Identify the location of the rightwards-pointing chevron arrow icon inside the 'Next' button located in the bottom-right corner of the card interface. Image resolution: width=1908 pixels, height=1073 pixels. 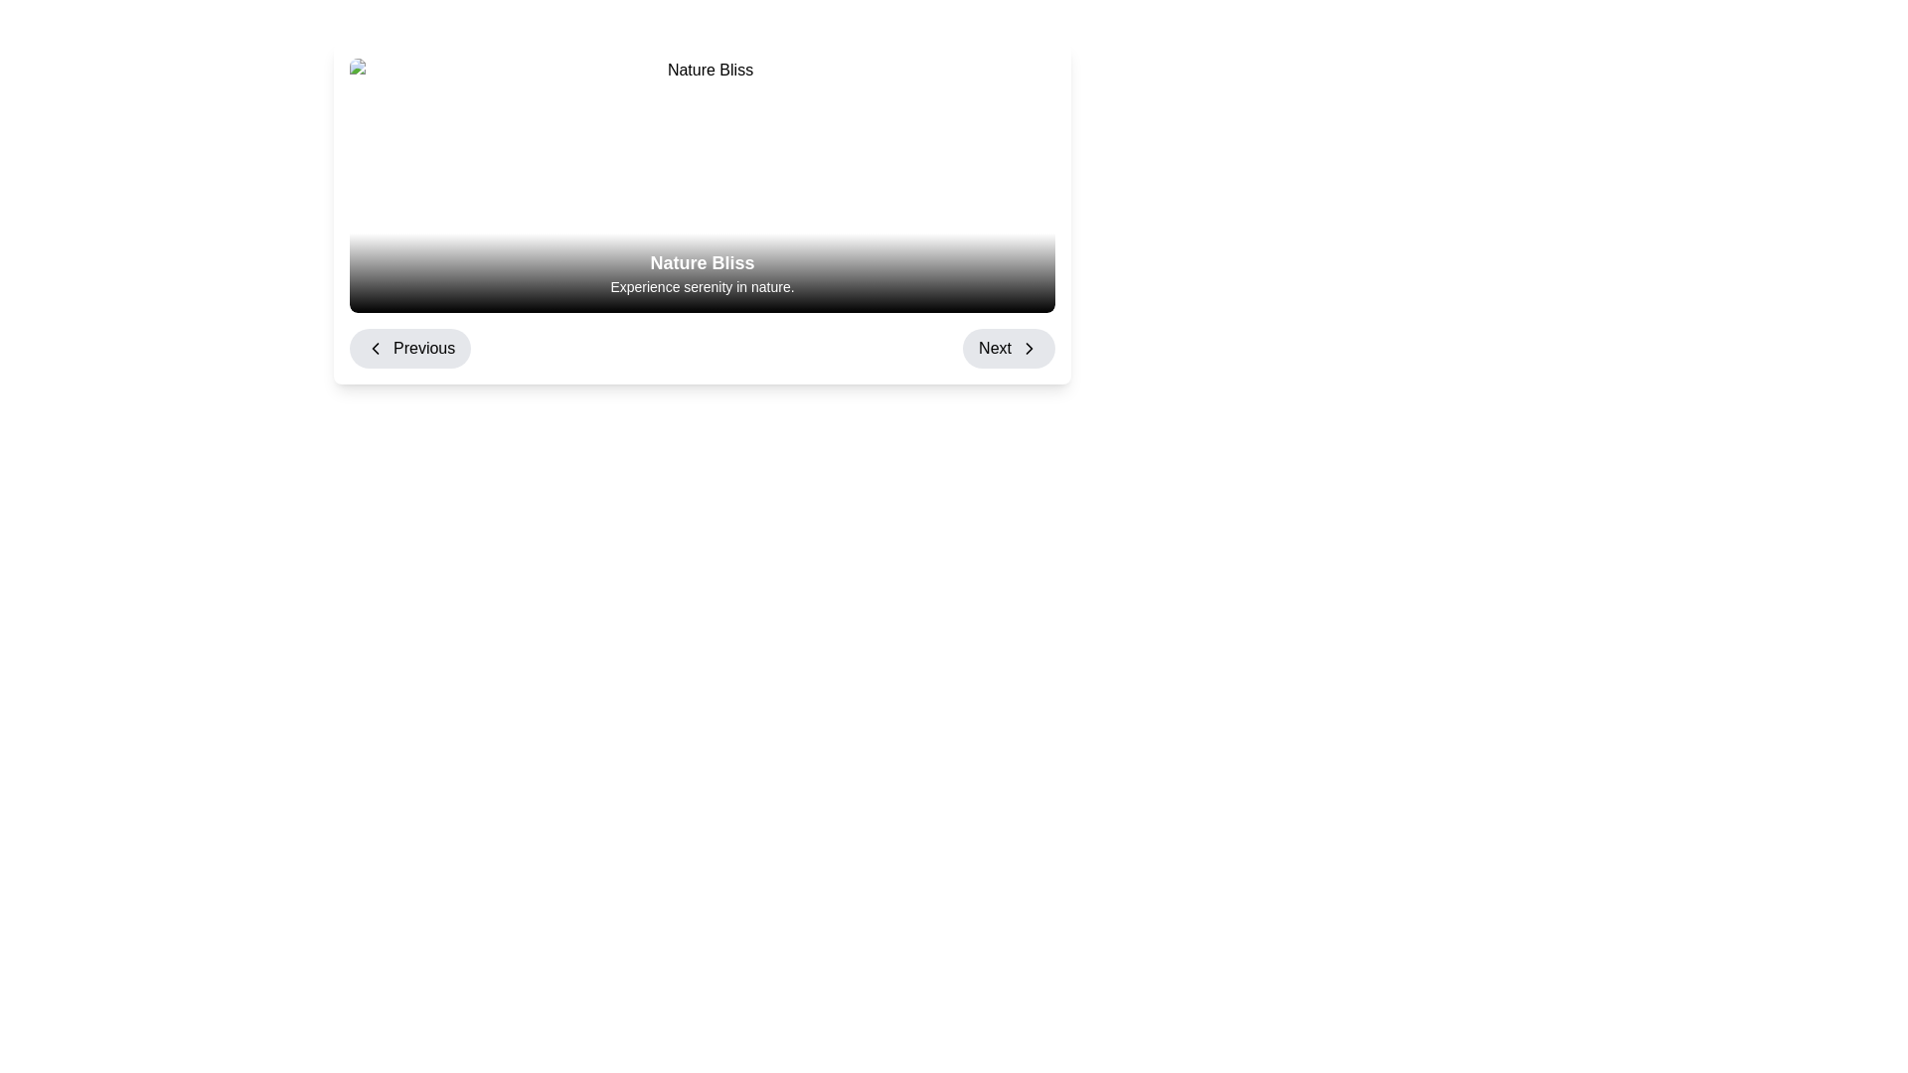
(1030, 348).